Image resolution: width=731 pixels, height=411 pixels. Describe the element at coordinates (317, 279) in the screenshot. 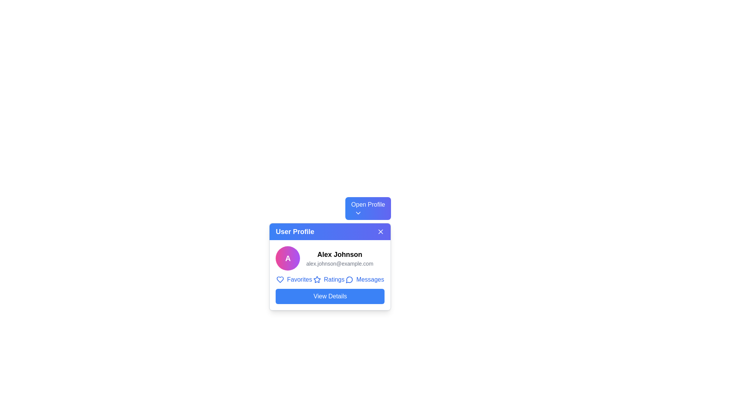

I see `the blue star-shaped icon located below the user's email address and to the right of the heart-shaped 'Favorites' icon` at that location.